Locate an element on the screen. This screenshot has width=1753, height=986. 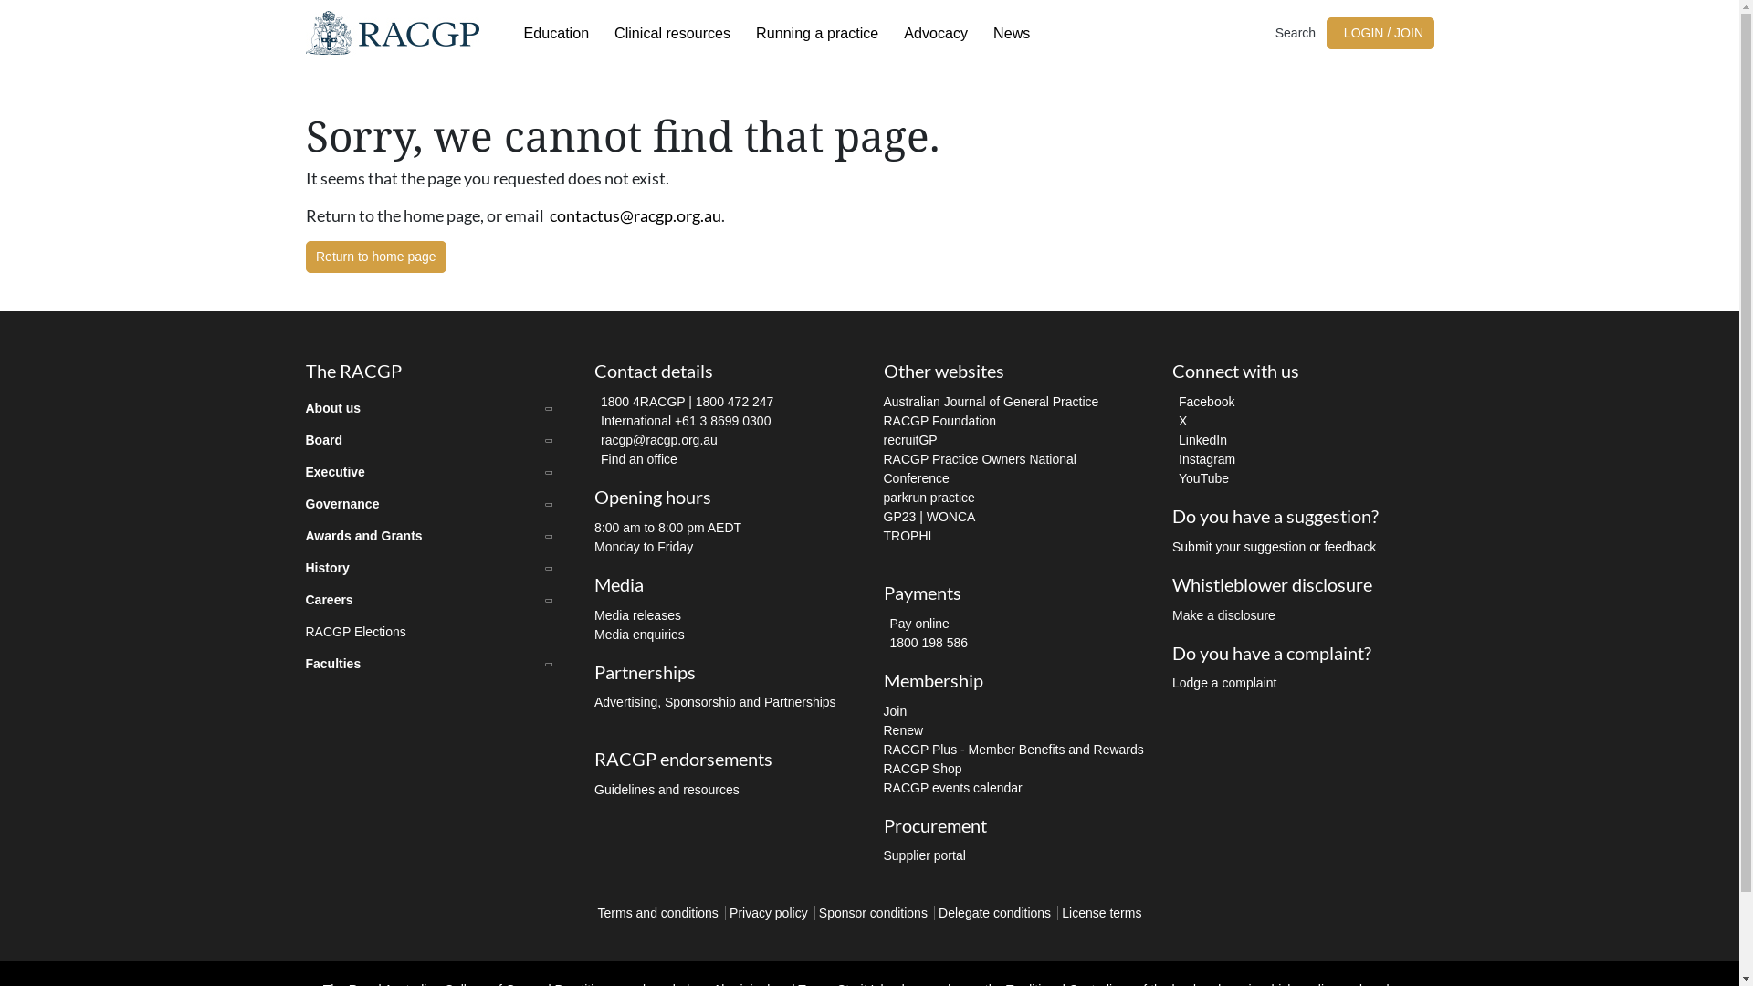
'RACGP Logo' is located at coordinates (390, 32).